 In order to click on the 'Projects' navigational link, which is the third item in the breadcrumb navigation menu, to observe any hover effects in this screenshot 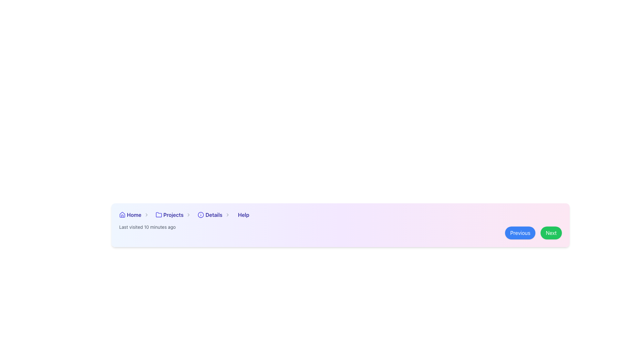, I will do `click(173, 215)`.